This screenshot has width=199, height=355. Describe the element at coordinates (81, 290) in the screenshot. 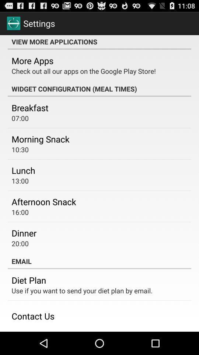

I see `the app below the diet plan icon` at that location.